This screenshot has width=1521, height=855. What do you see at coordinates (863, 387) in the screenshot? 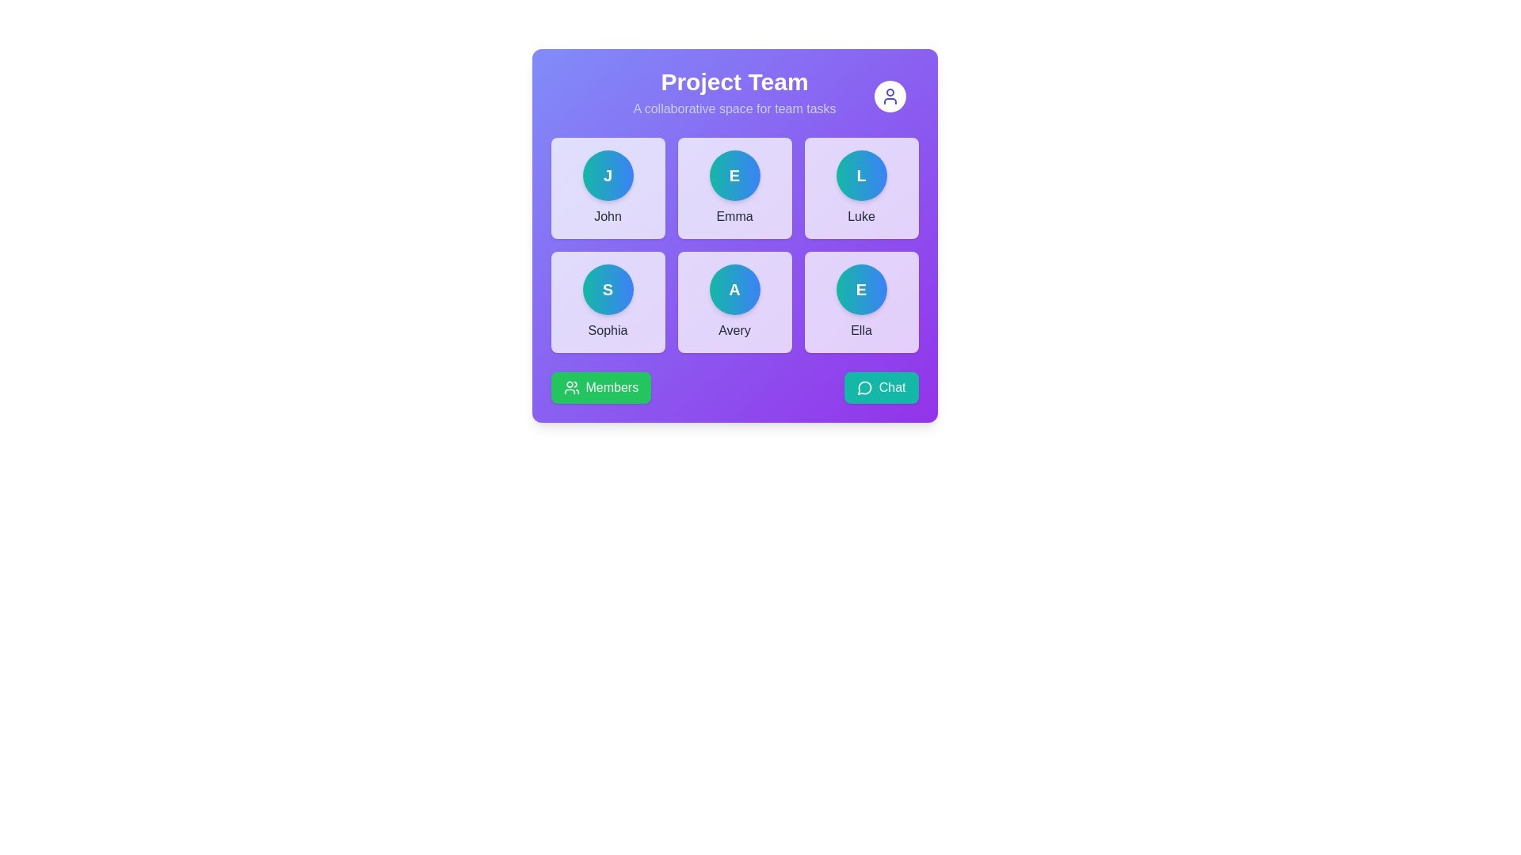
I see `the chat icon located on the bottom-right corner inside the green 'Chat' button under the 'Project Team' section to initiate a chat` at bounding box center [863, 387].